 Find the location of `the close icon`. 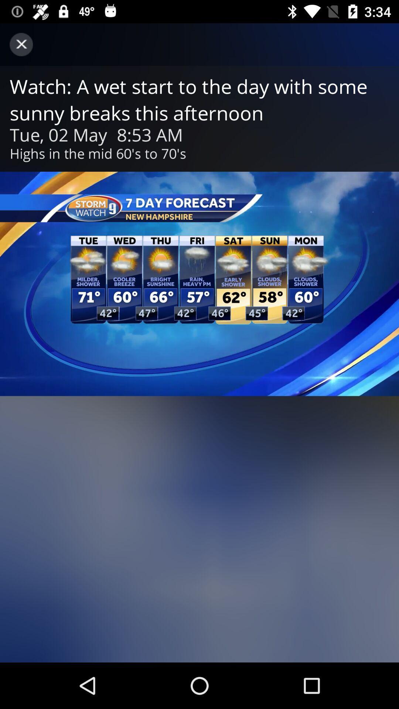

the close icon is located at coordinates (21, 44).